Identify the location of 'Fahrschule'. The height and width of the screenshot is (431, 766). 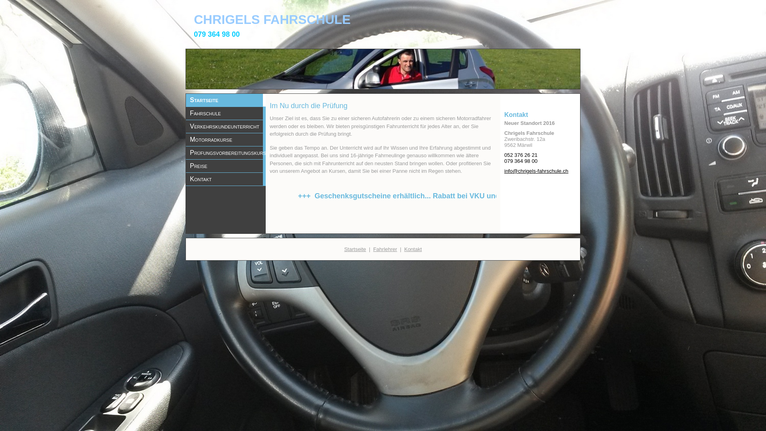
(225, 113).